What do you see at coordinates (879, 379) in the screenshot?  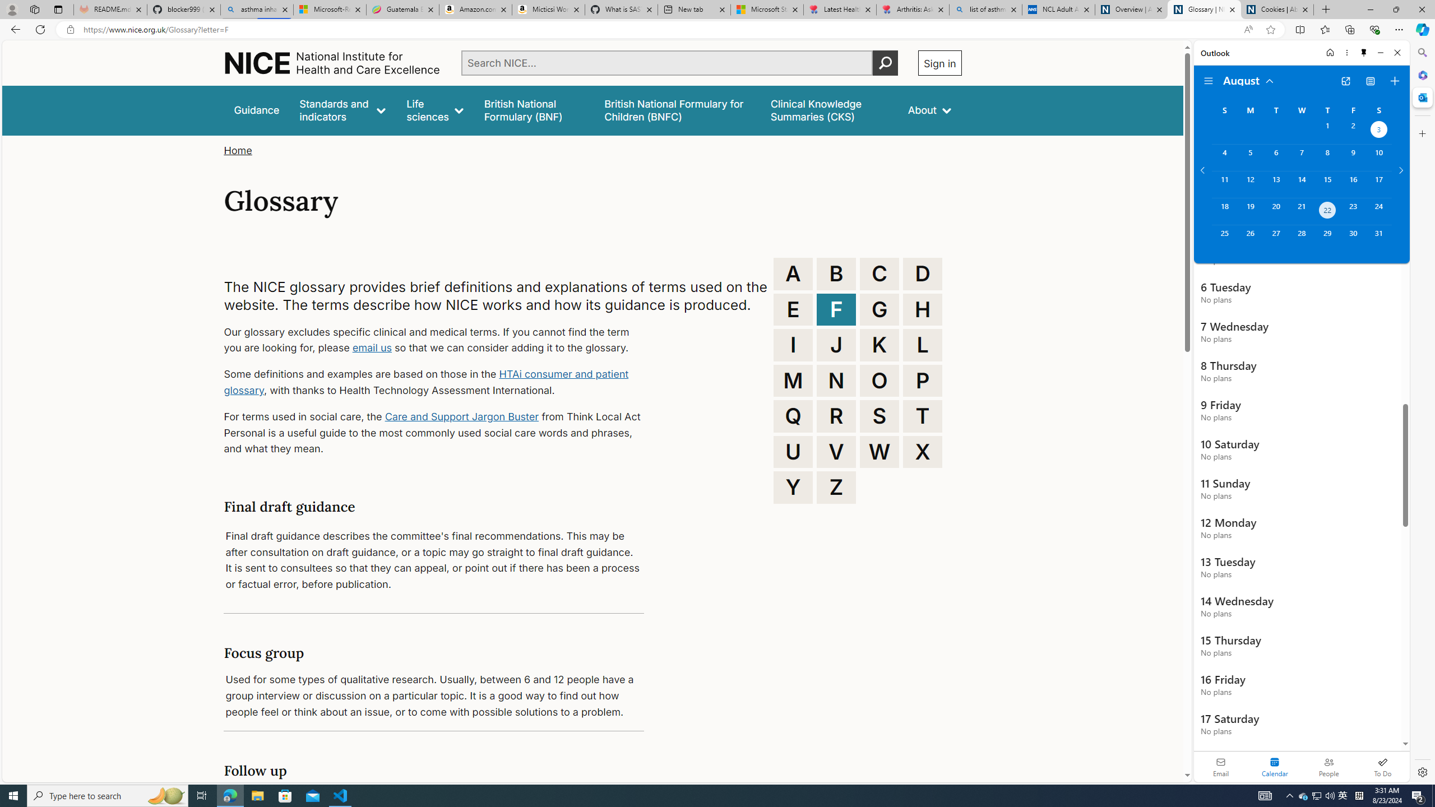 I see `'O'` at bounding box center [879, 379].